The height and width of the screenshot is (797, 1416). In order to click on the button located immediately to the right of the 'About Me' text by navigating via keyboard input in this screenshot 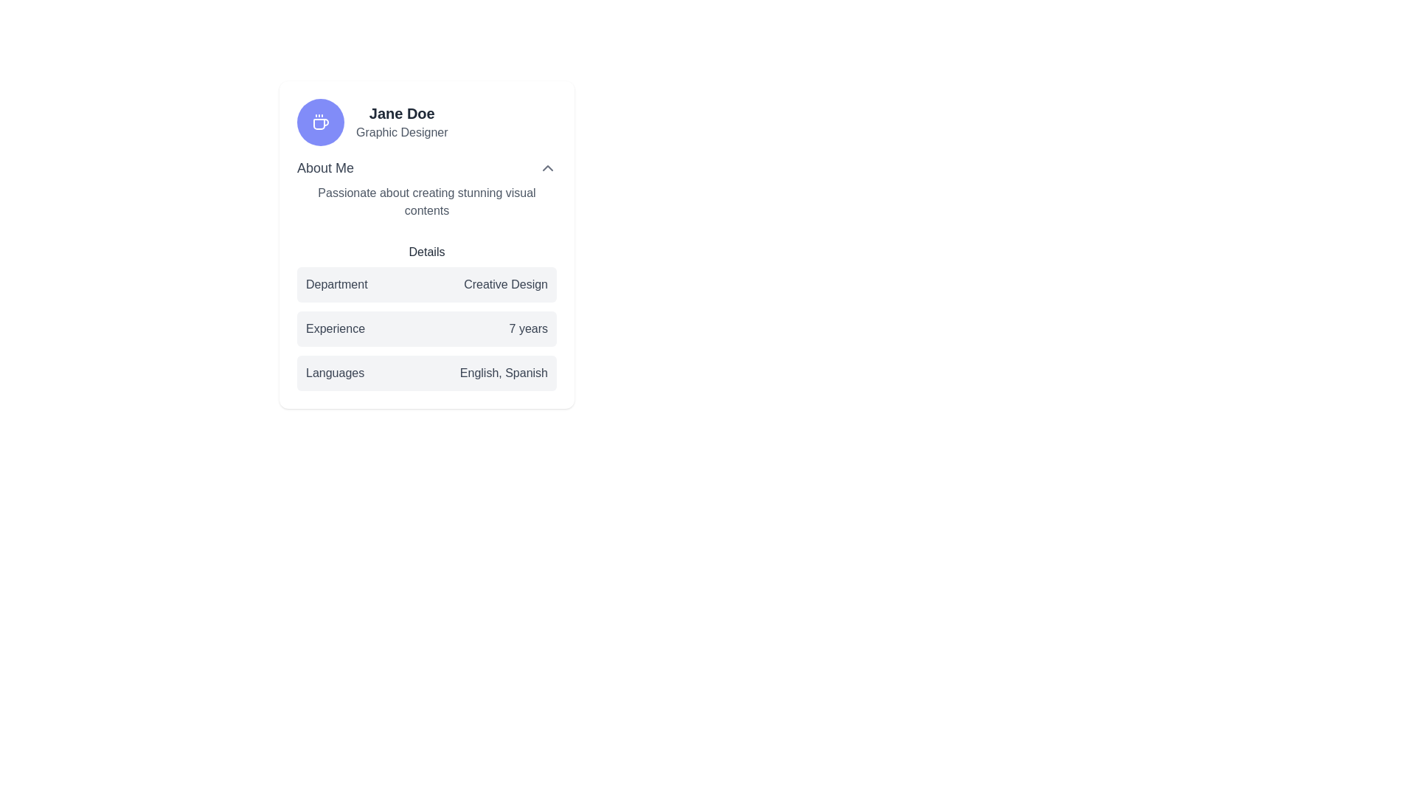, I will do `click(547, 167)`.